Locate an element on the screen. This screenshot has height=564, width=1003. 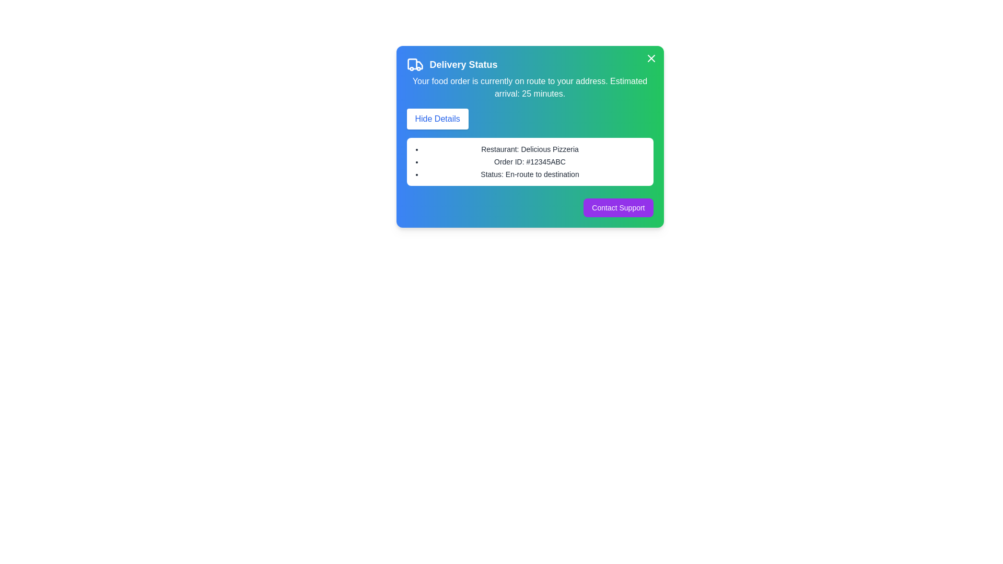
the 'Contact Support' button is located at coordinates (618, 207).